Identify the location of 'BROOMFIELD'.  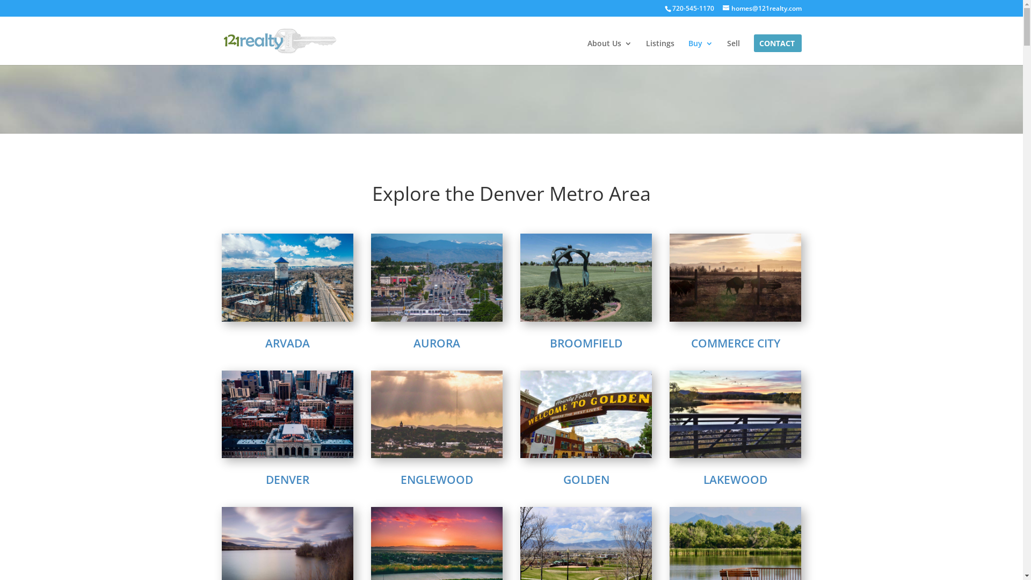
(549, 343).